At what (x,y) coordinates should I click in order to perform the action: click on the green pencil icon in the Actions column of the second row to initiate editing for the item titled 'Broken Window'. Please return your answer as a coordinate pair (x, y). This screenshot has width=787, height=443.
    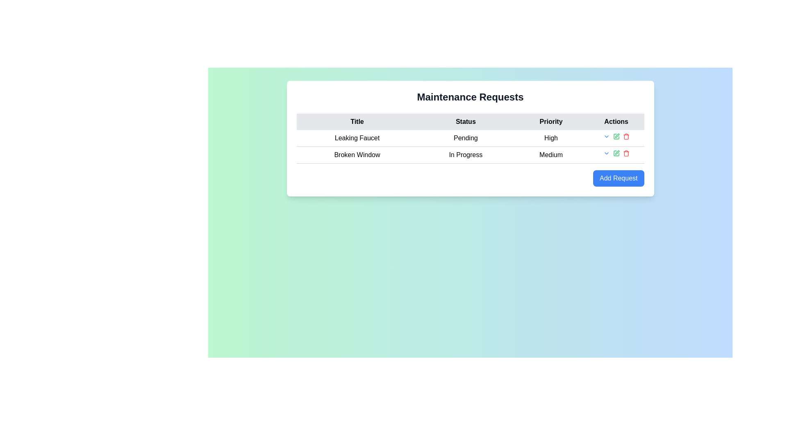
    Looking at the image, I should click on (616, 153).